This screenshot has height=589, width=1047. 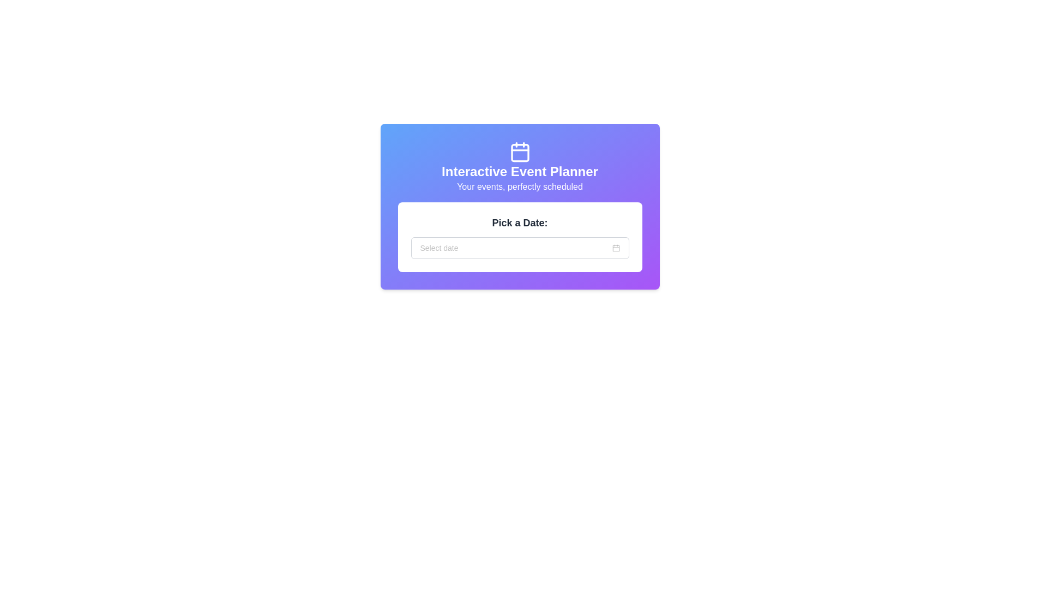 What do you see at coordinates (519, 152) in the screenshot?
I see `the calendar icon with white lines on a blue background located at the top of the 'Interactive Event Planner' section` at bounding box center [519, 152].